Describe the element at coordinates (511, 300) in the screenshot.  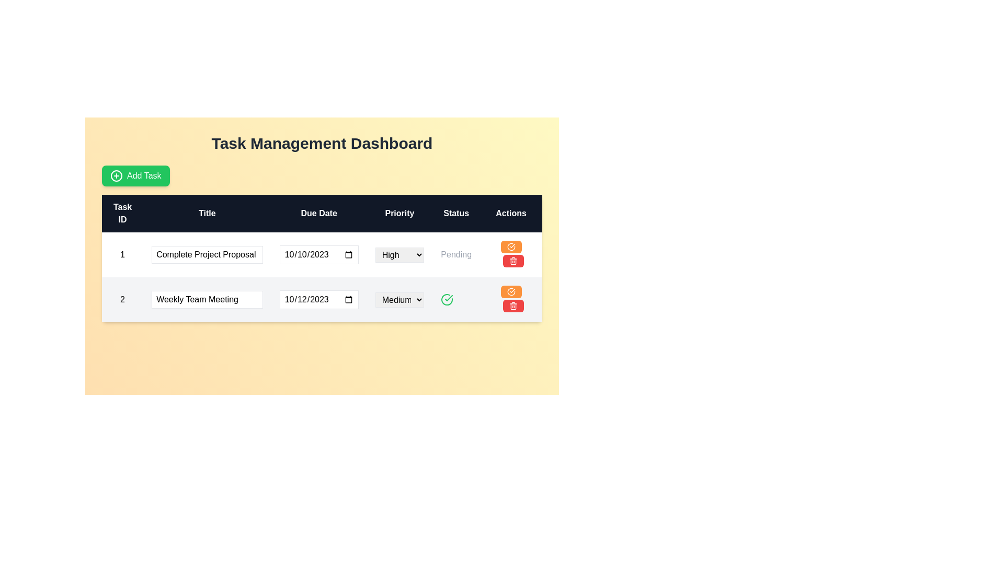
I see `the red rectangular button with a trash bin icon located in the second row of the task table, rightmost column` at that location.